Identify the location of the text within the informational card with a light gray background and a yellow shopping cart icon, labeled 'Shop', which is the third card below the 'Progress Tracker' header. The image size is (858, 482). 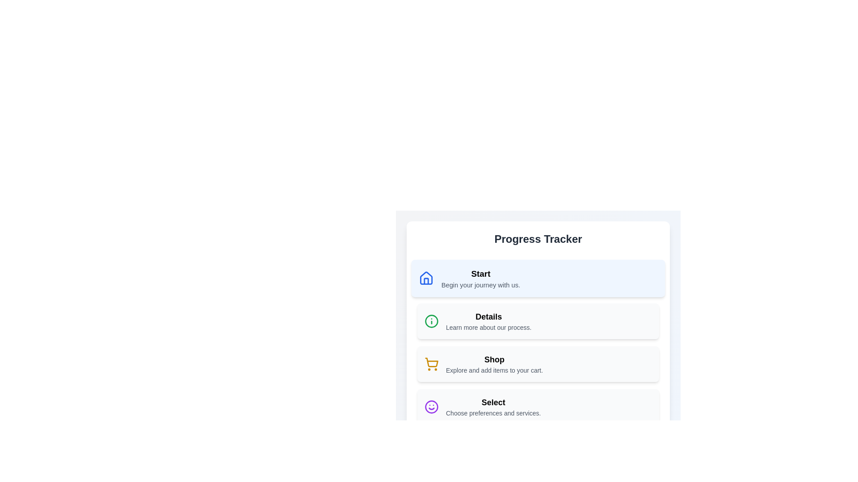
(538, 364).